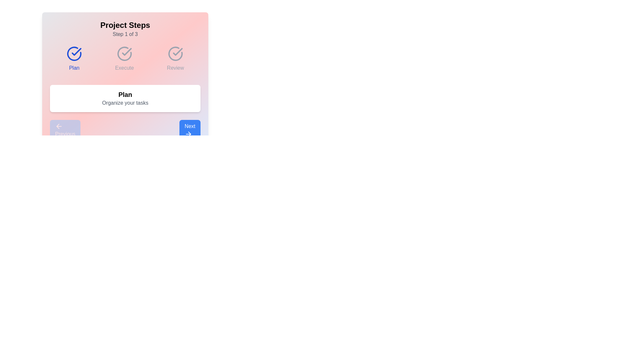 Image resolution: width=623 pixels, height=350 pixels. What do you see at coordinates (125, 95) in the screenshot?
I see `the task title to highlight it for reading` at bounding box center [125, 95].